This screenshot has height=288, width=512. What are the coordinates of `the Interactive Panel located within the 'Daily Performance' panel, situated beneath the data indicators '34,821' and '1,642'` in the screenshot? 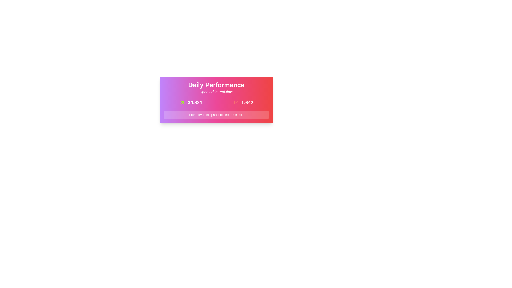 It's located at (216, 115).